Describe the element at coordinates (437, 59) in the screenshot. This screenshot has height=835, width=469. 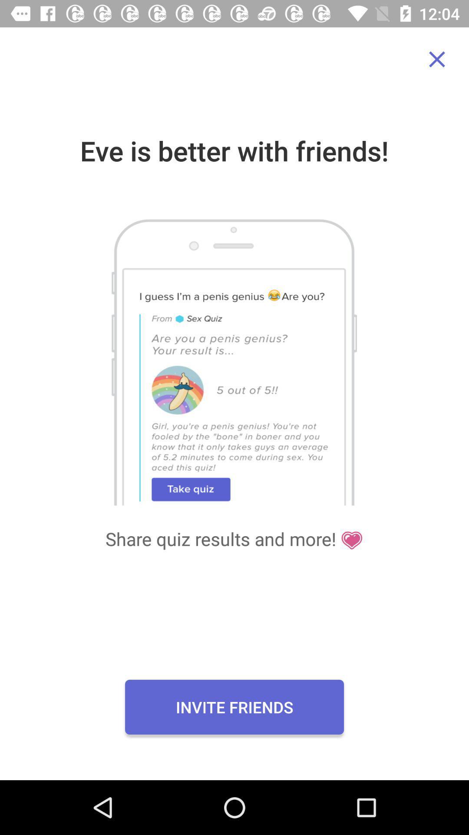
I see `icon at the top right corner` at that location.